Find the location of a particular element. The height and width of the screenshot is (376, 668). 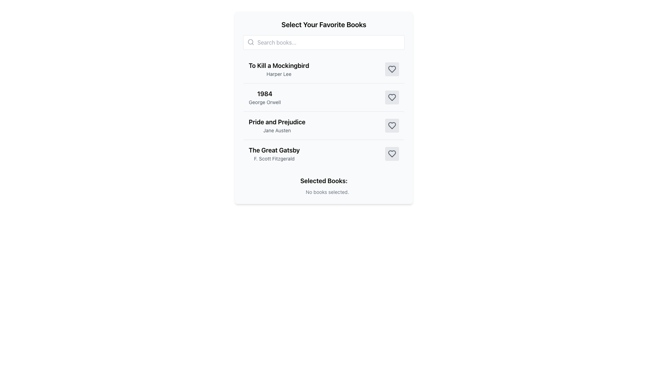

the heart icon button located to the right of 'The Great Gatsby' to mark it as selected is located at coordinates (392, 154).